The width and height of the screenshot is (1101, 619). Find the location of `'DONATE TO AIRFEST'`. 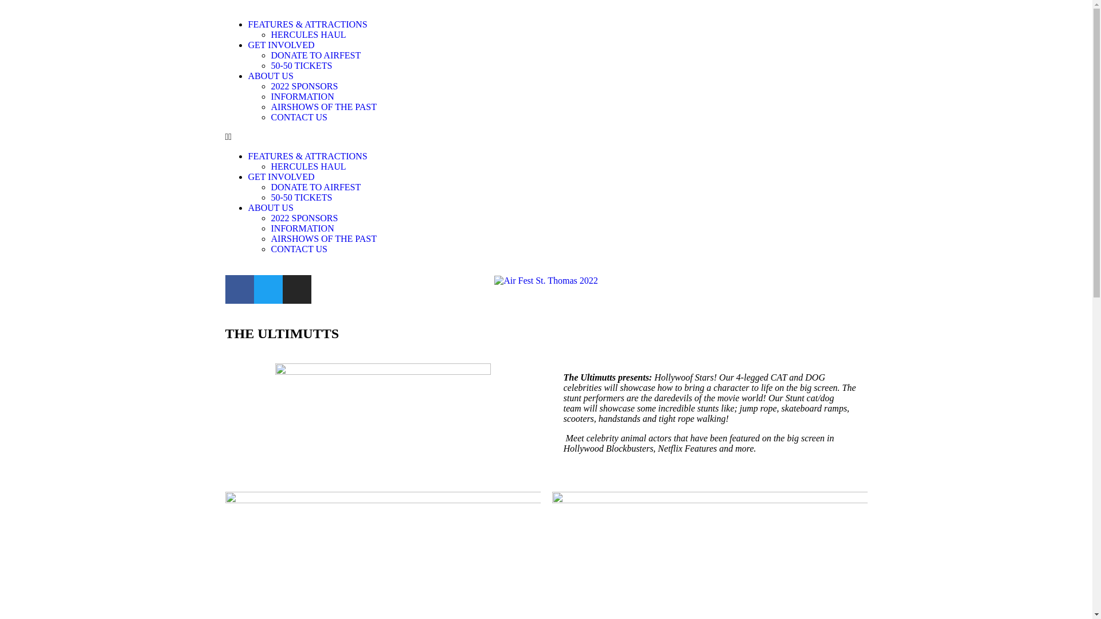

'DONATE TO AIRFEST' is located at coordinates (315, 55).